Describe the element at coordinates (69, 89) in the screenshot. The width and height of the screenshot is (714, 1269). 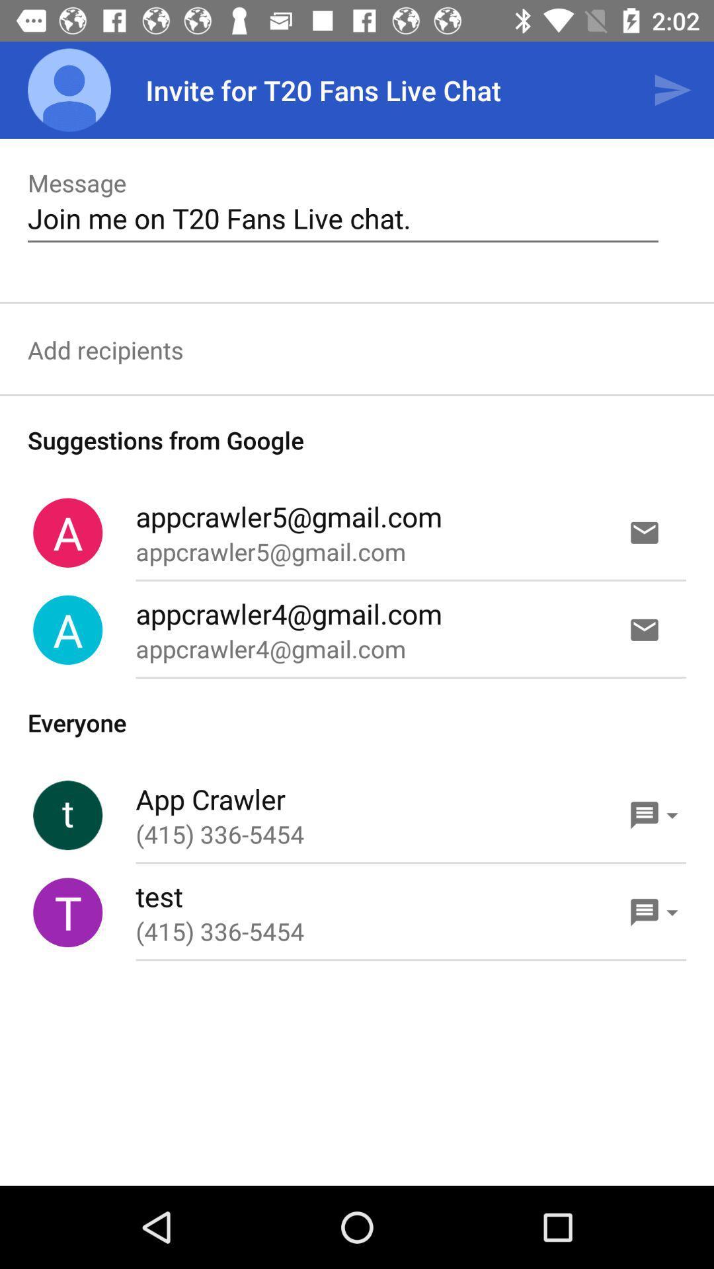
I see `icon to the left of the invite for t20 item` at that location.